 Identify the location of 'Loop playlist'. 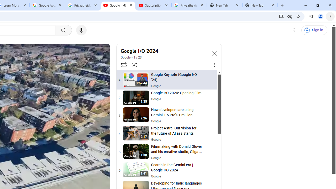
(123, 64).